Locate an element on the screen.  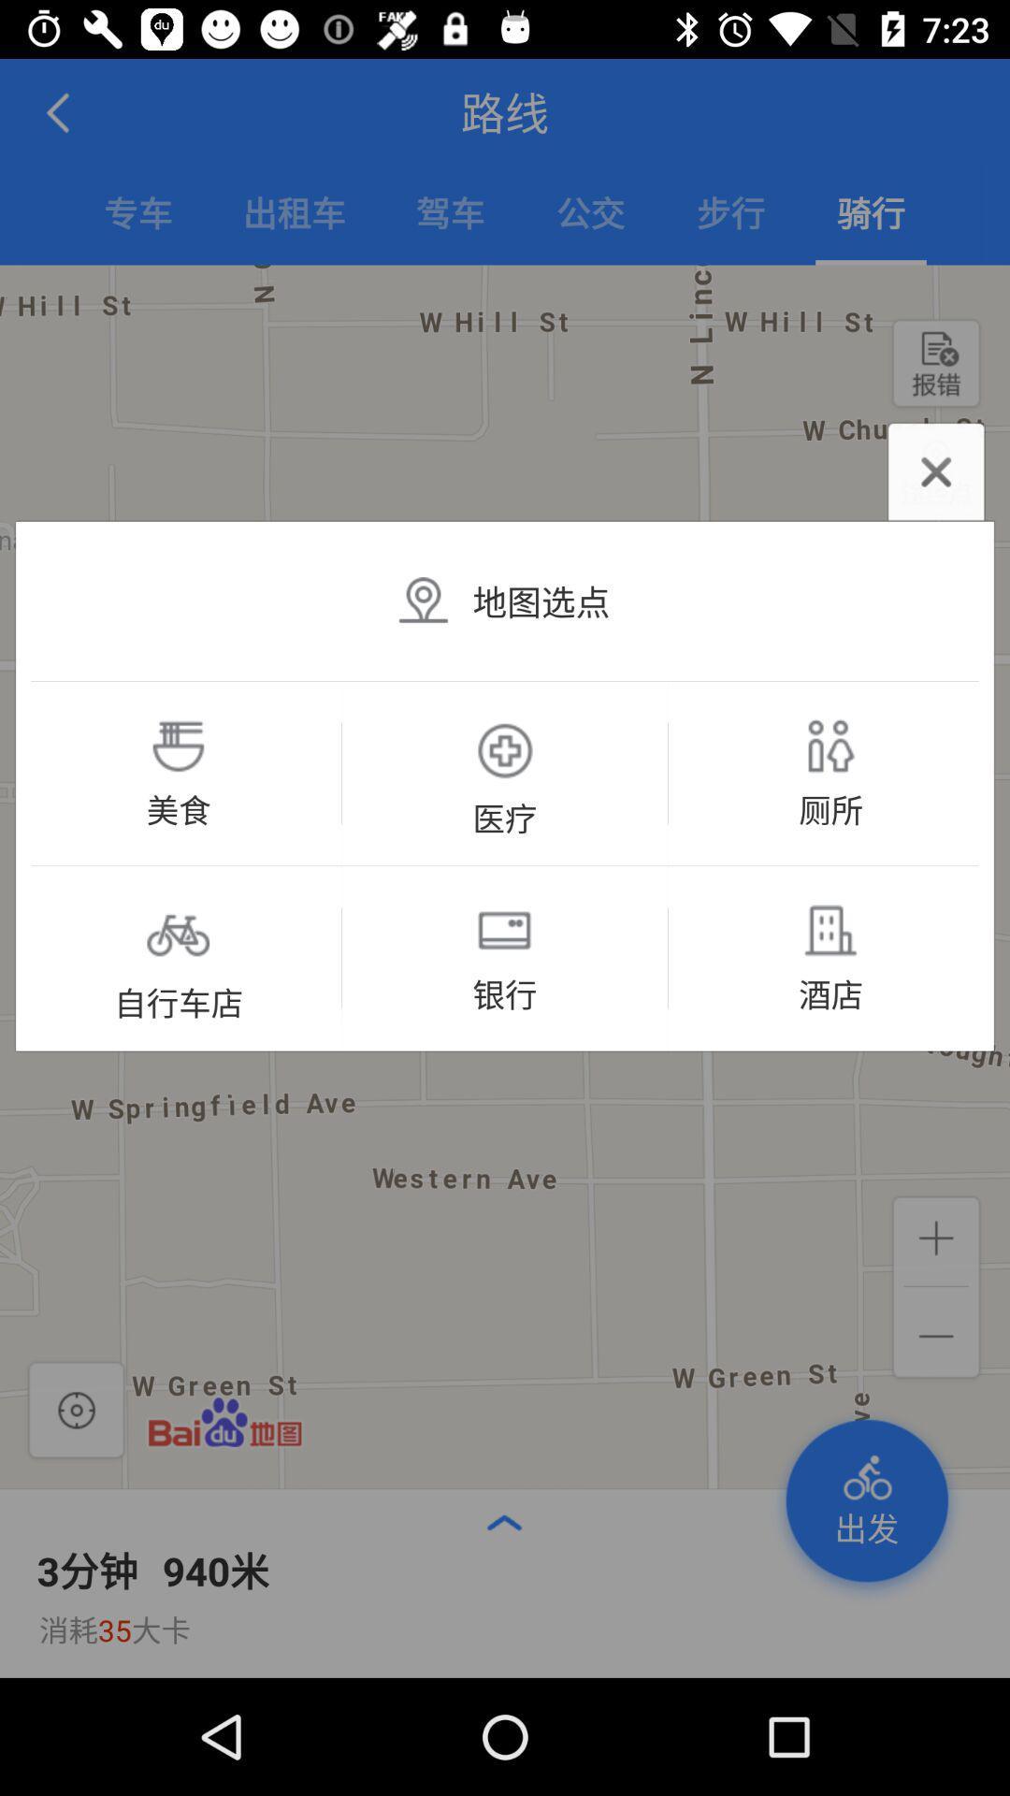
the arrow_upward icon is located at coordinates (503, 1522).